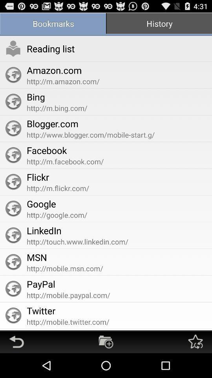 This screenshot has width=212, height=378. What do you see at coordinates (51, 48) in the screenshot?
I see `icon above the amazon.com app` at bounding box center [51, 48].